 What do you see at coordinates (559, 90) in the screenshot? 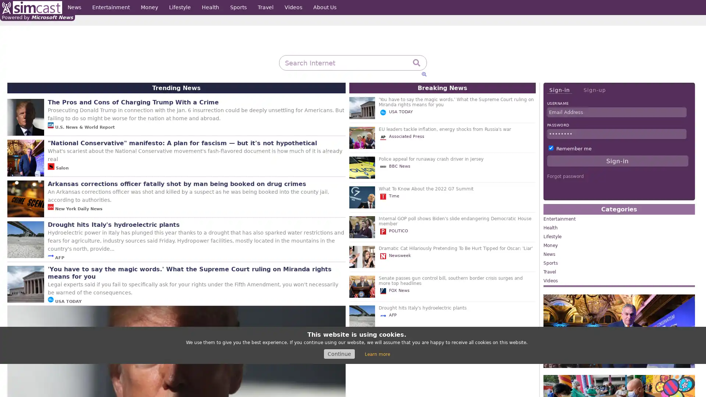
I see `Sign-in` at bounding box center [559, 90].